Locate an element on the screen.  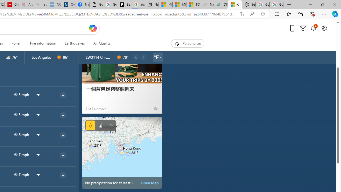
'static map image of vector map' is located at coordinates (121, 153).